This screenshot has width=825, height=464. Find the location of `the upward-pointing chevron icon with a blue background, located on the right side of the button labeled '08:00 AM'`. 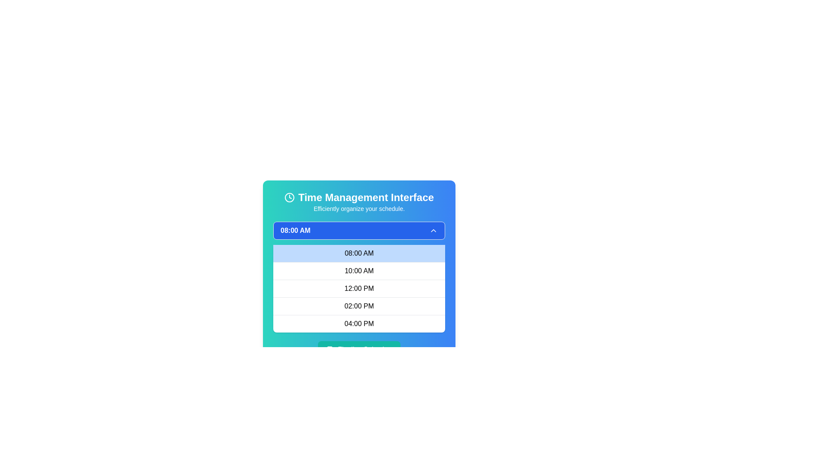

the upward-pointing chevron icon with a blue background, located on the right side of the button labeled '08:00 AM' is located at coordinates (433, 230).